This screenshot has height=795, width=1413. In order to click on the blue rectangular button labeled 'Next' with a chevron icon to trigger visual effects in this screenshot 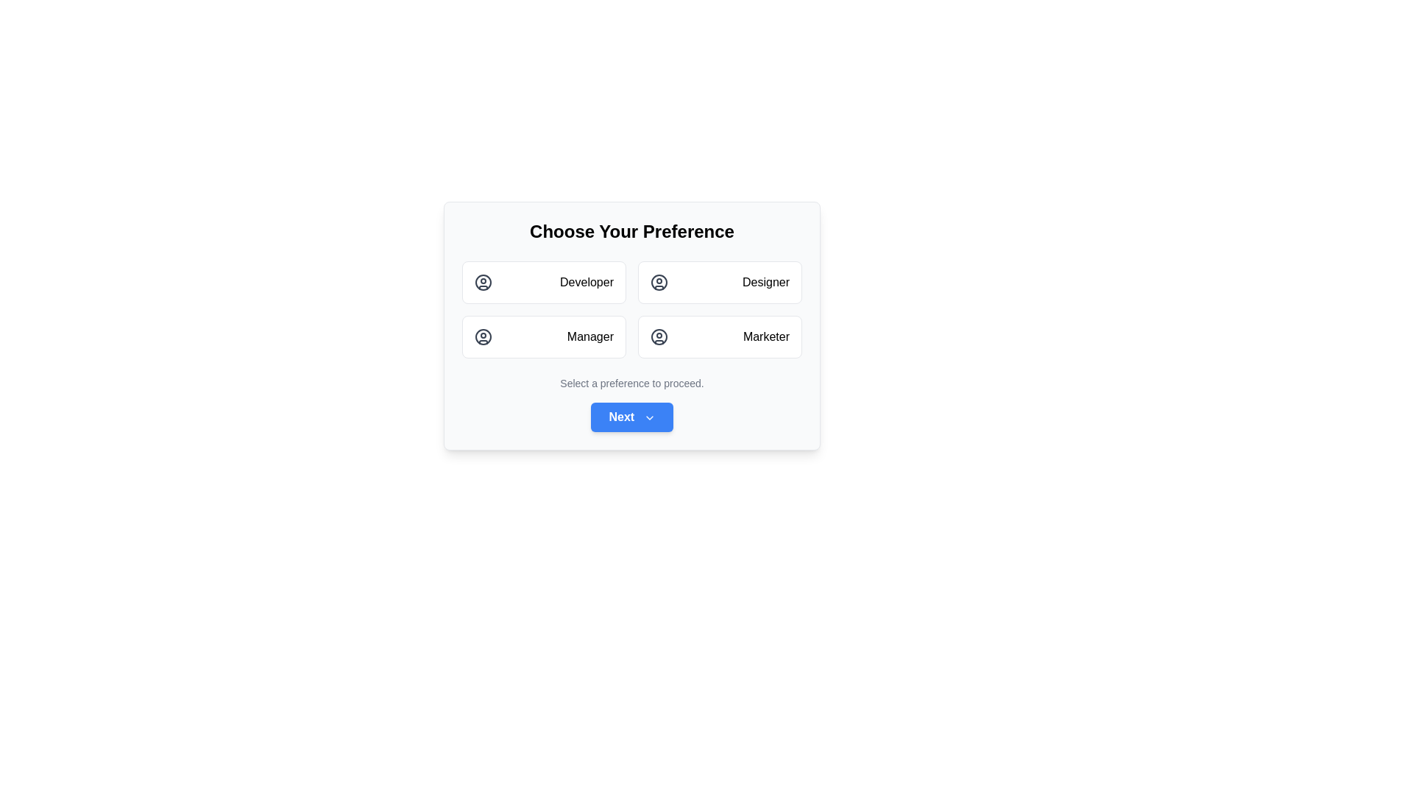, I will do `click(632, 417)`.